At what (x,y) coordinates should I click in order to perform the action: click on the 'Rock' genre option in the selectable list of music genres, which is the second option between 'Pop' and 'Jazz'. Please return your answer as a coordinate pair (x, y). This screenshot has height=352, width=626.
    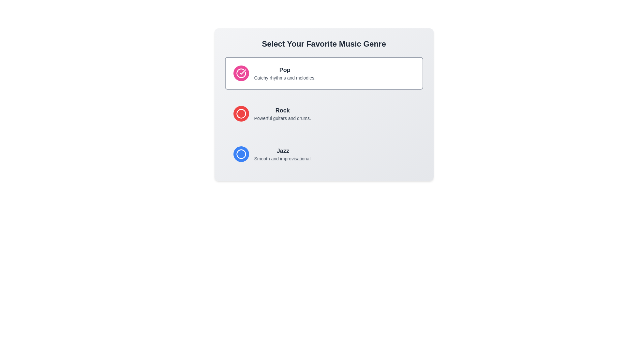
    Looking at the image, I should click on (324, 113).